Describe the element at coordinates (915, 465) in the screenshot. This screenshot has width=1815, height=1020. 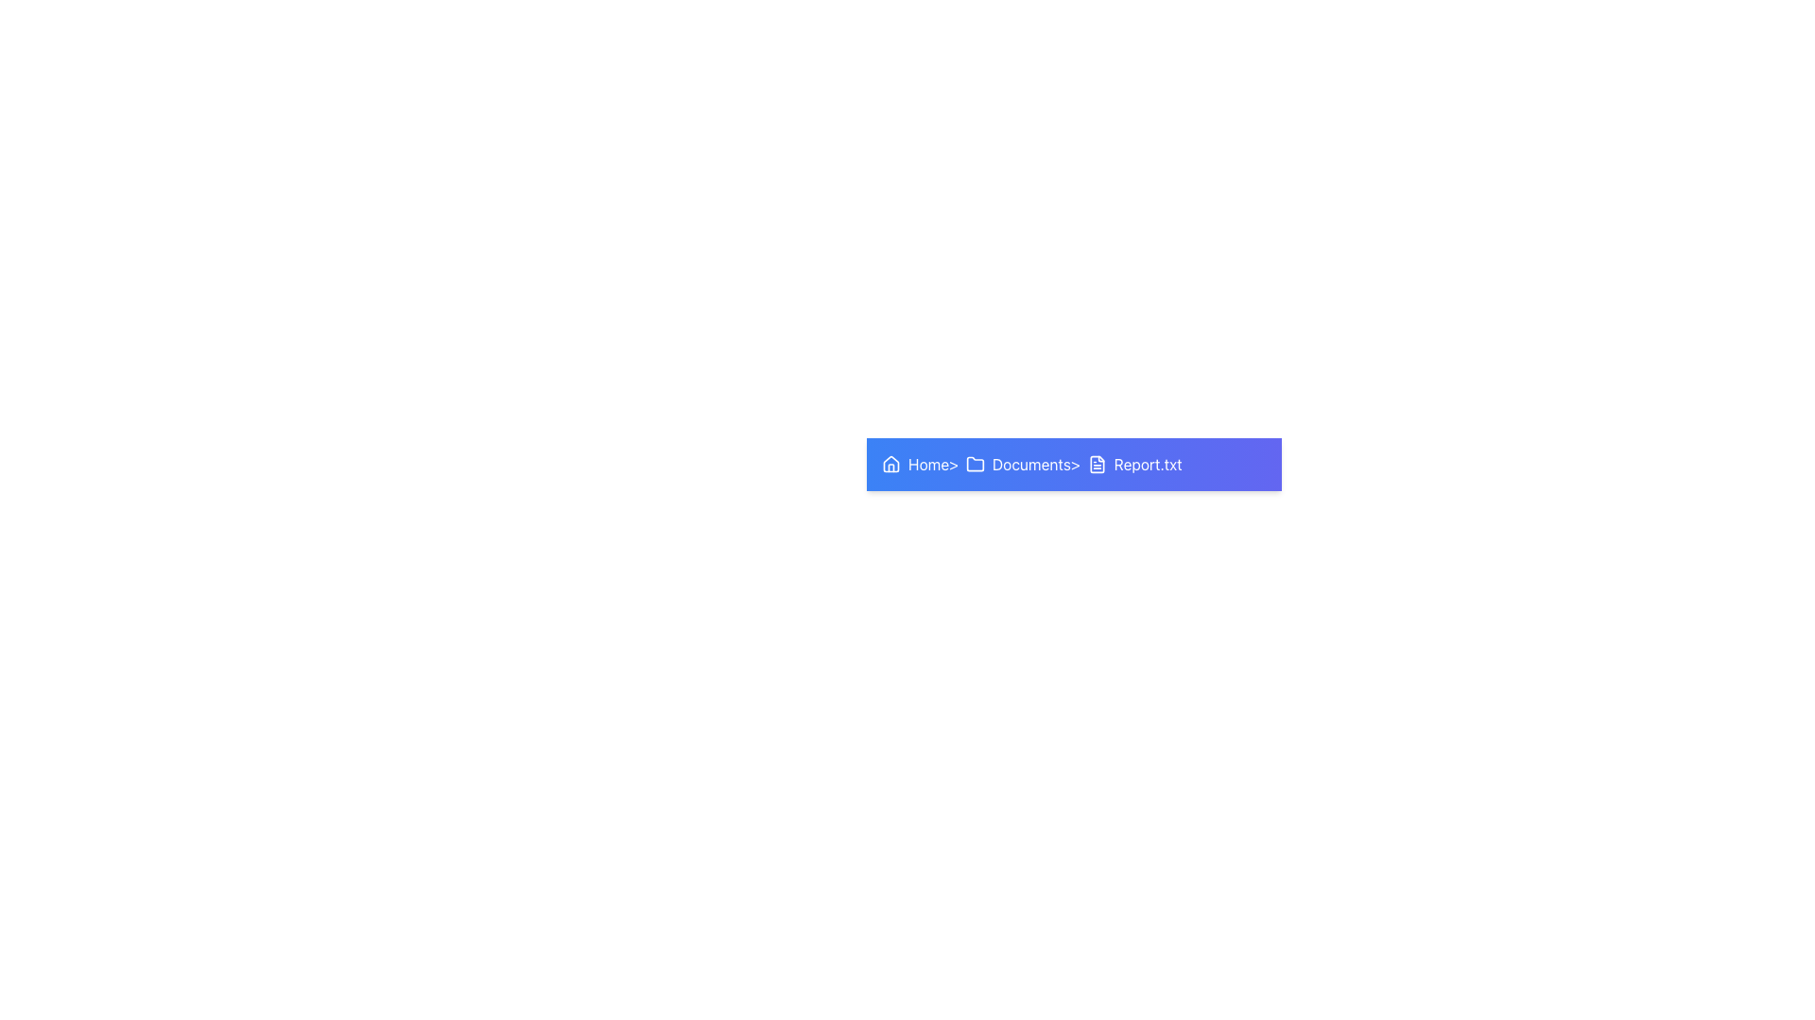
I see `the home navigation button, which is the first element in the breadcrumb navigation links` at that location.